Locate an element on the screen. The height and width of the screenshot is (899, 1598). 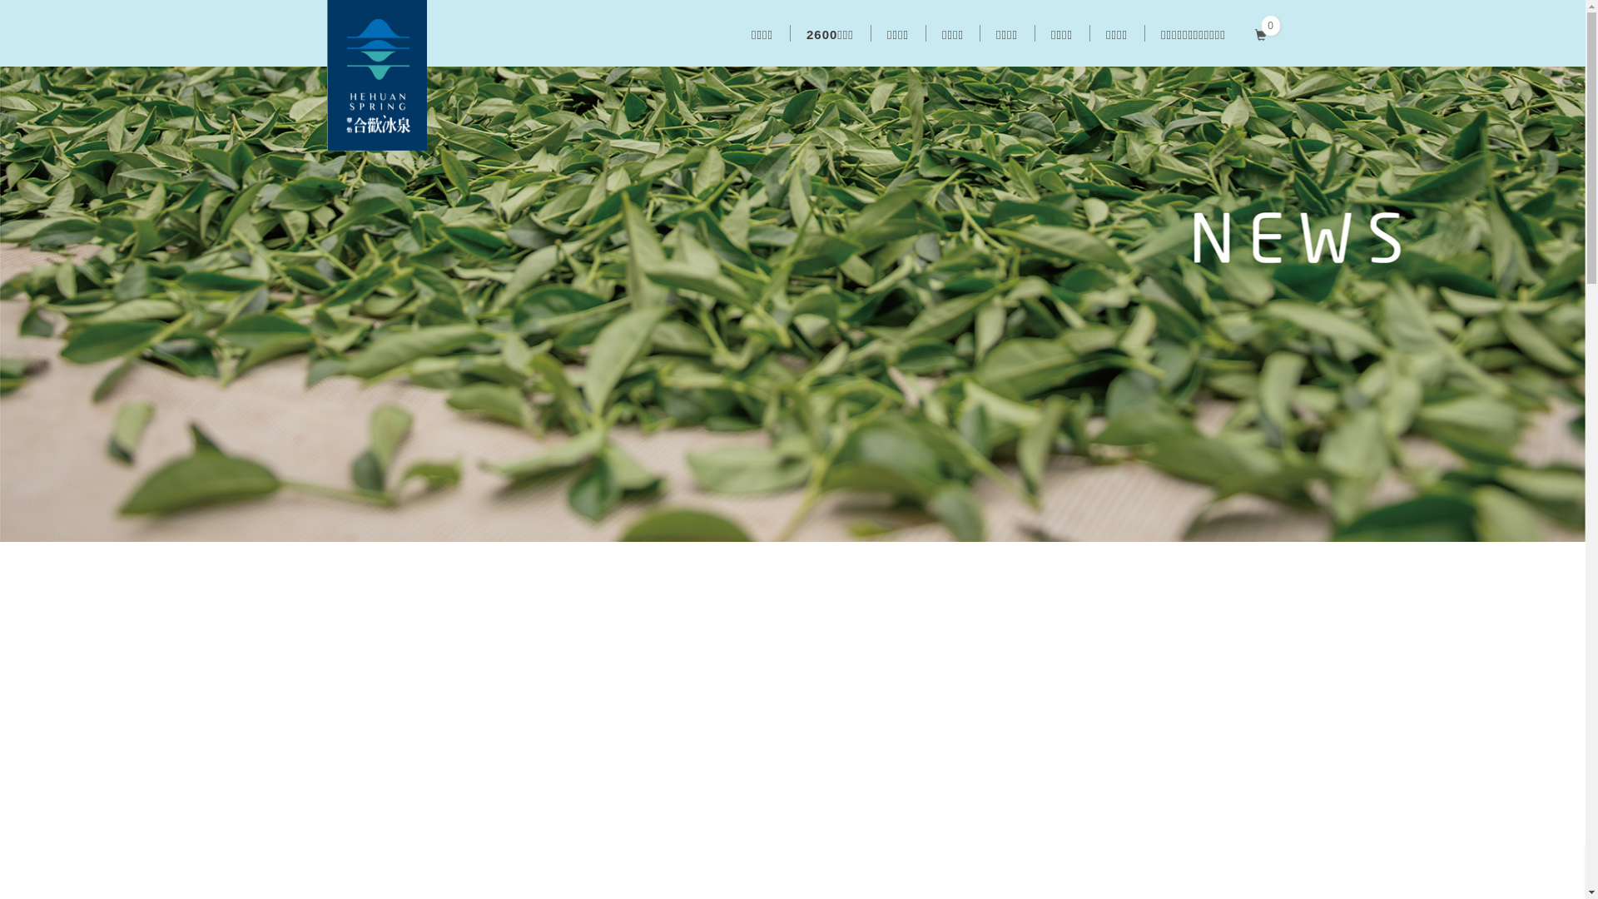
'0' is located at coordinates (1261, 32).